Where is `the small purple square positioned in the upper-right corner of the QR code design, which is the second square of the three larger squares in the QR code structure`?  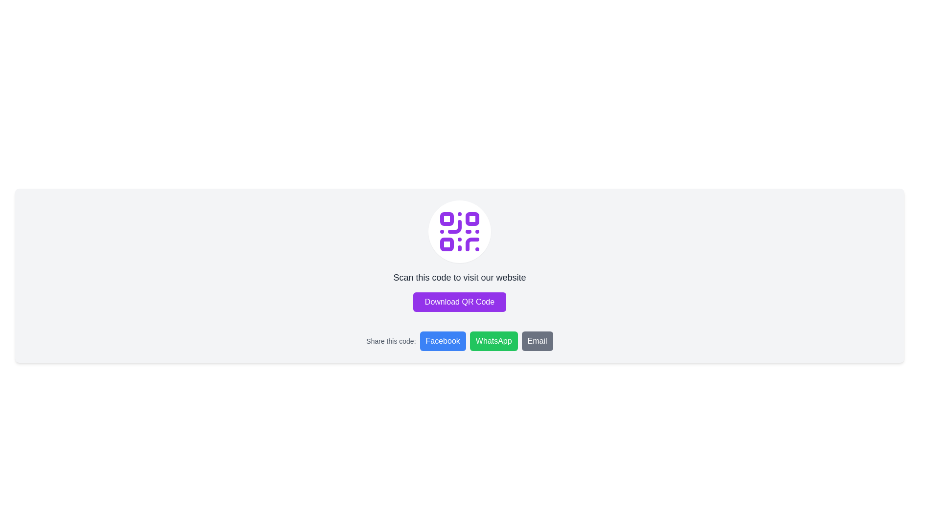
the small purple square positioned in the upper-right corner of the QR code design, which is the second square of the three larger squares in the QR code structure is located at coordinates (472, 218).